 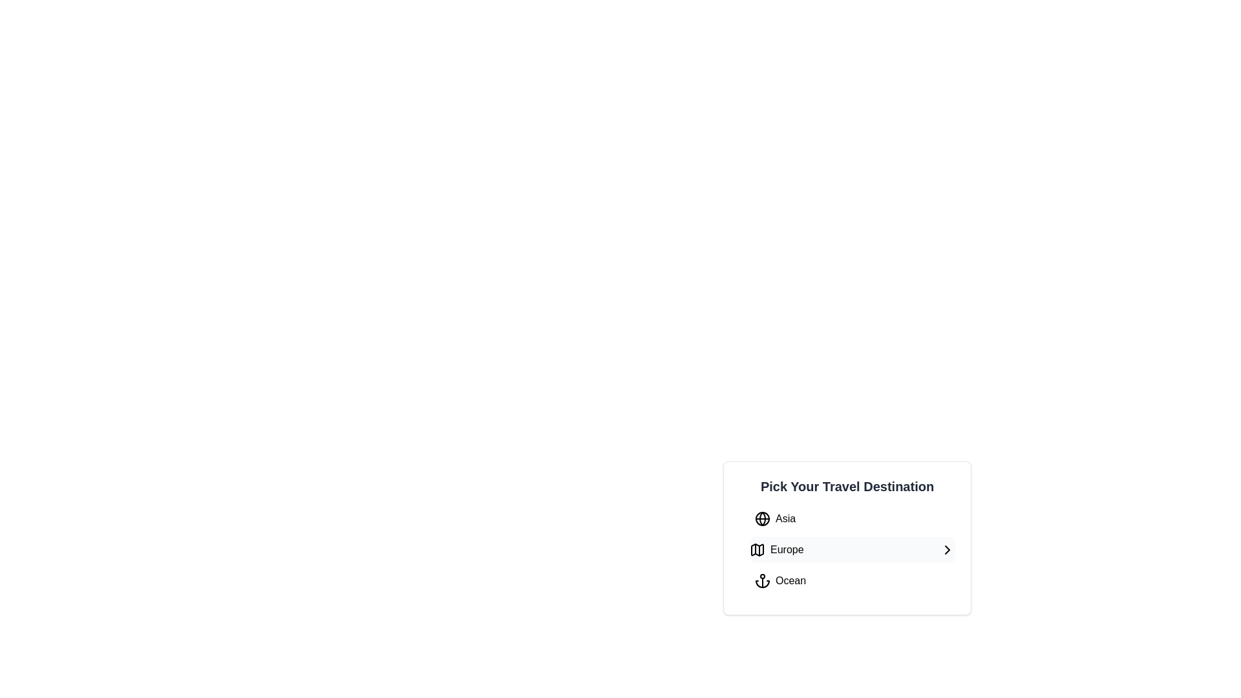 I want to click on to select the 'Europe' option from the list, which is the second entry positioned between 'Asia' and 'Ocean', so click(x=847, y=538).